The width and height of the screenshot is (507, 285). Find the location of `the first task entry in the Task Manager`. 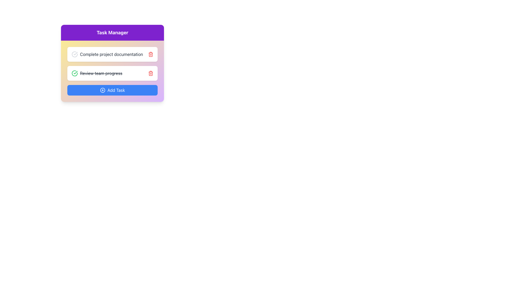

the first task entry in the Task Manager is located at coordinates (107, 54).